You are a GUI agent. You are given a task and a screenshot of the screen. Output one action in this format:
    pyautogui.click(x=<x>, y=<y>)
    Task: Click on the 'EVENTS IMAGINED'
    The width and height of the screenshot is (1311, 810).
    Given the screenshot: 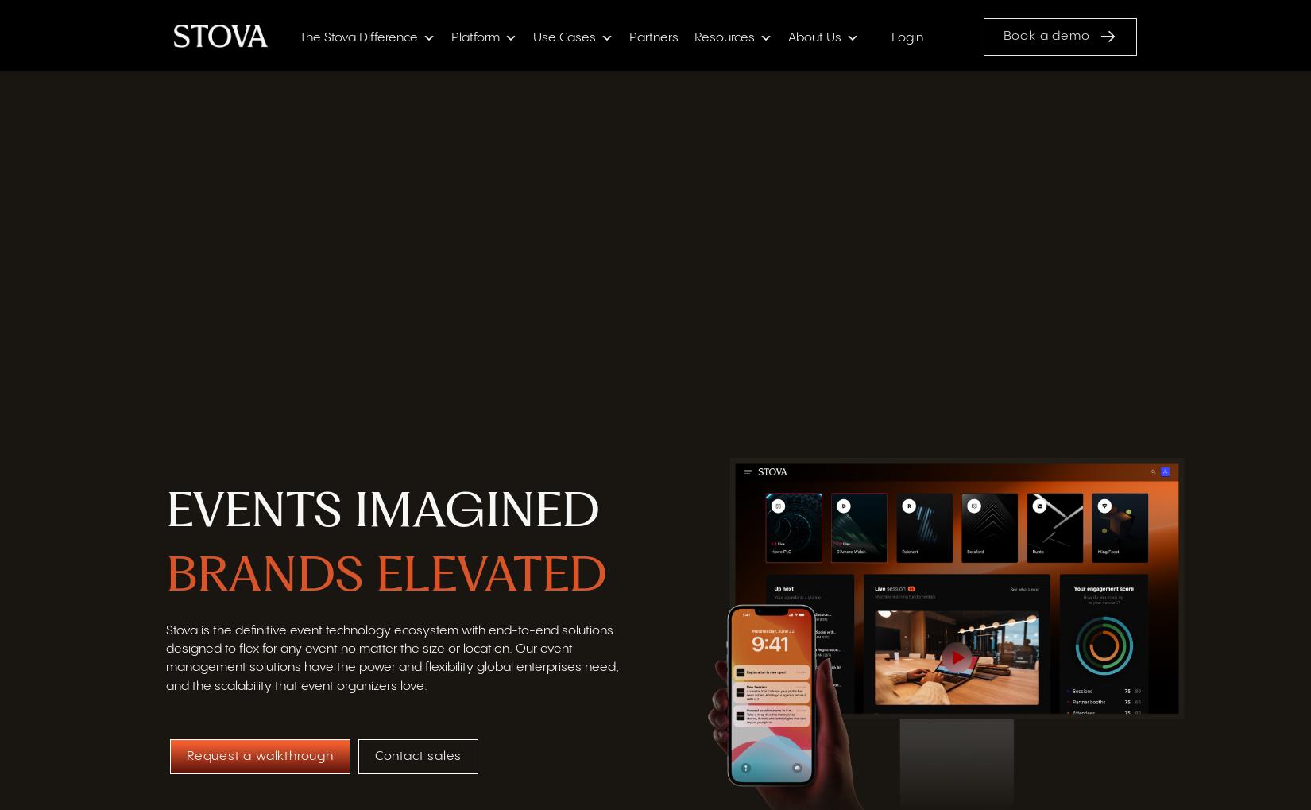 What is the action you would take?
    pyautogui.click(x=381, y=510)
    